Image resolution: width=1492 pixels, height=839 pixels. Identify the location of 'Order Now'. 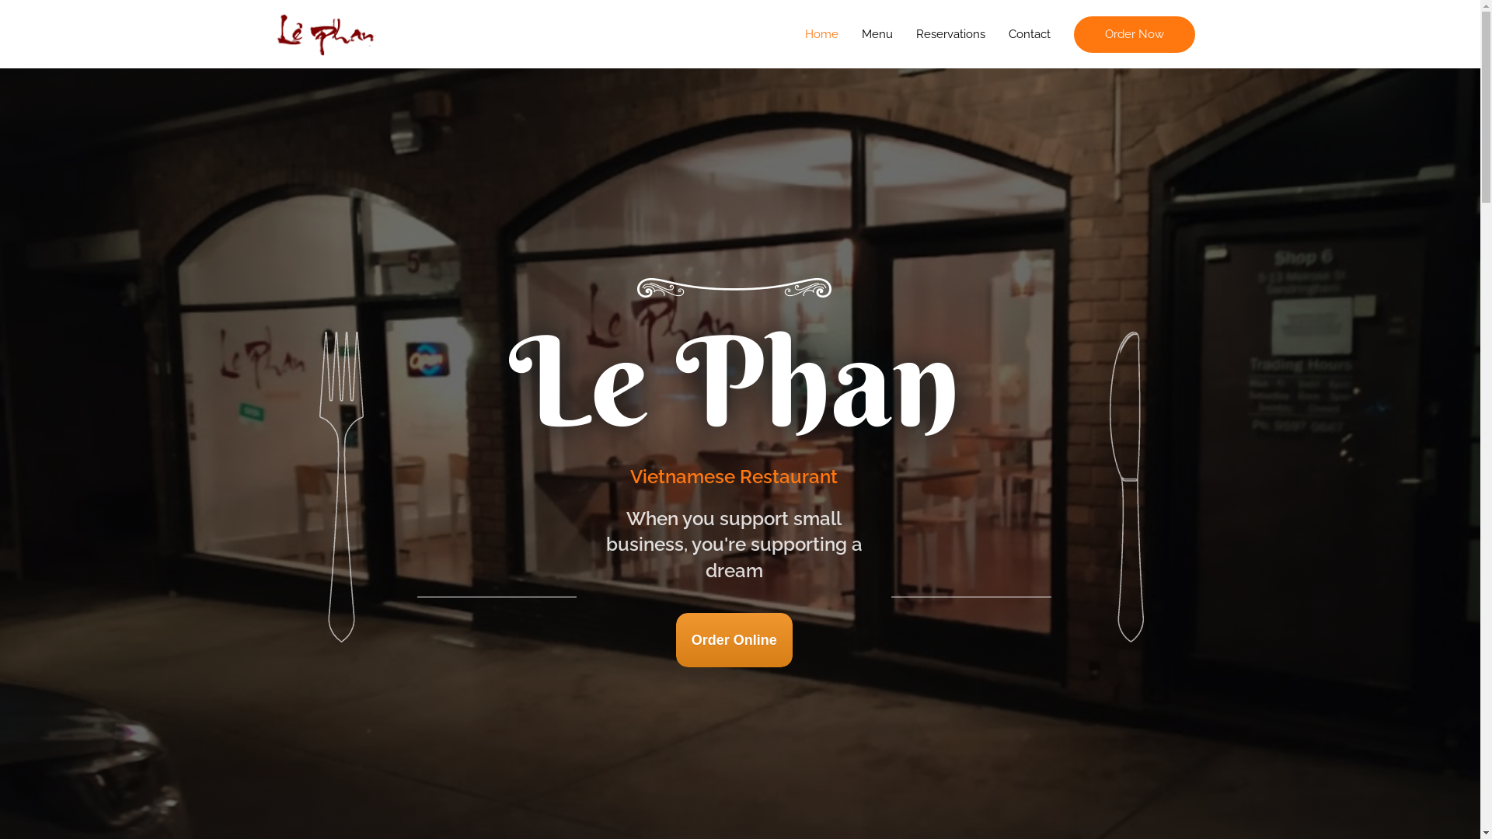
(1134, 33).